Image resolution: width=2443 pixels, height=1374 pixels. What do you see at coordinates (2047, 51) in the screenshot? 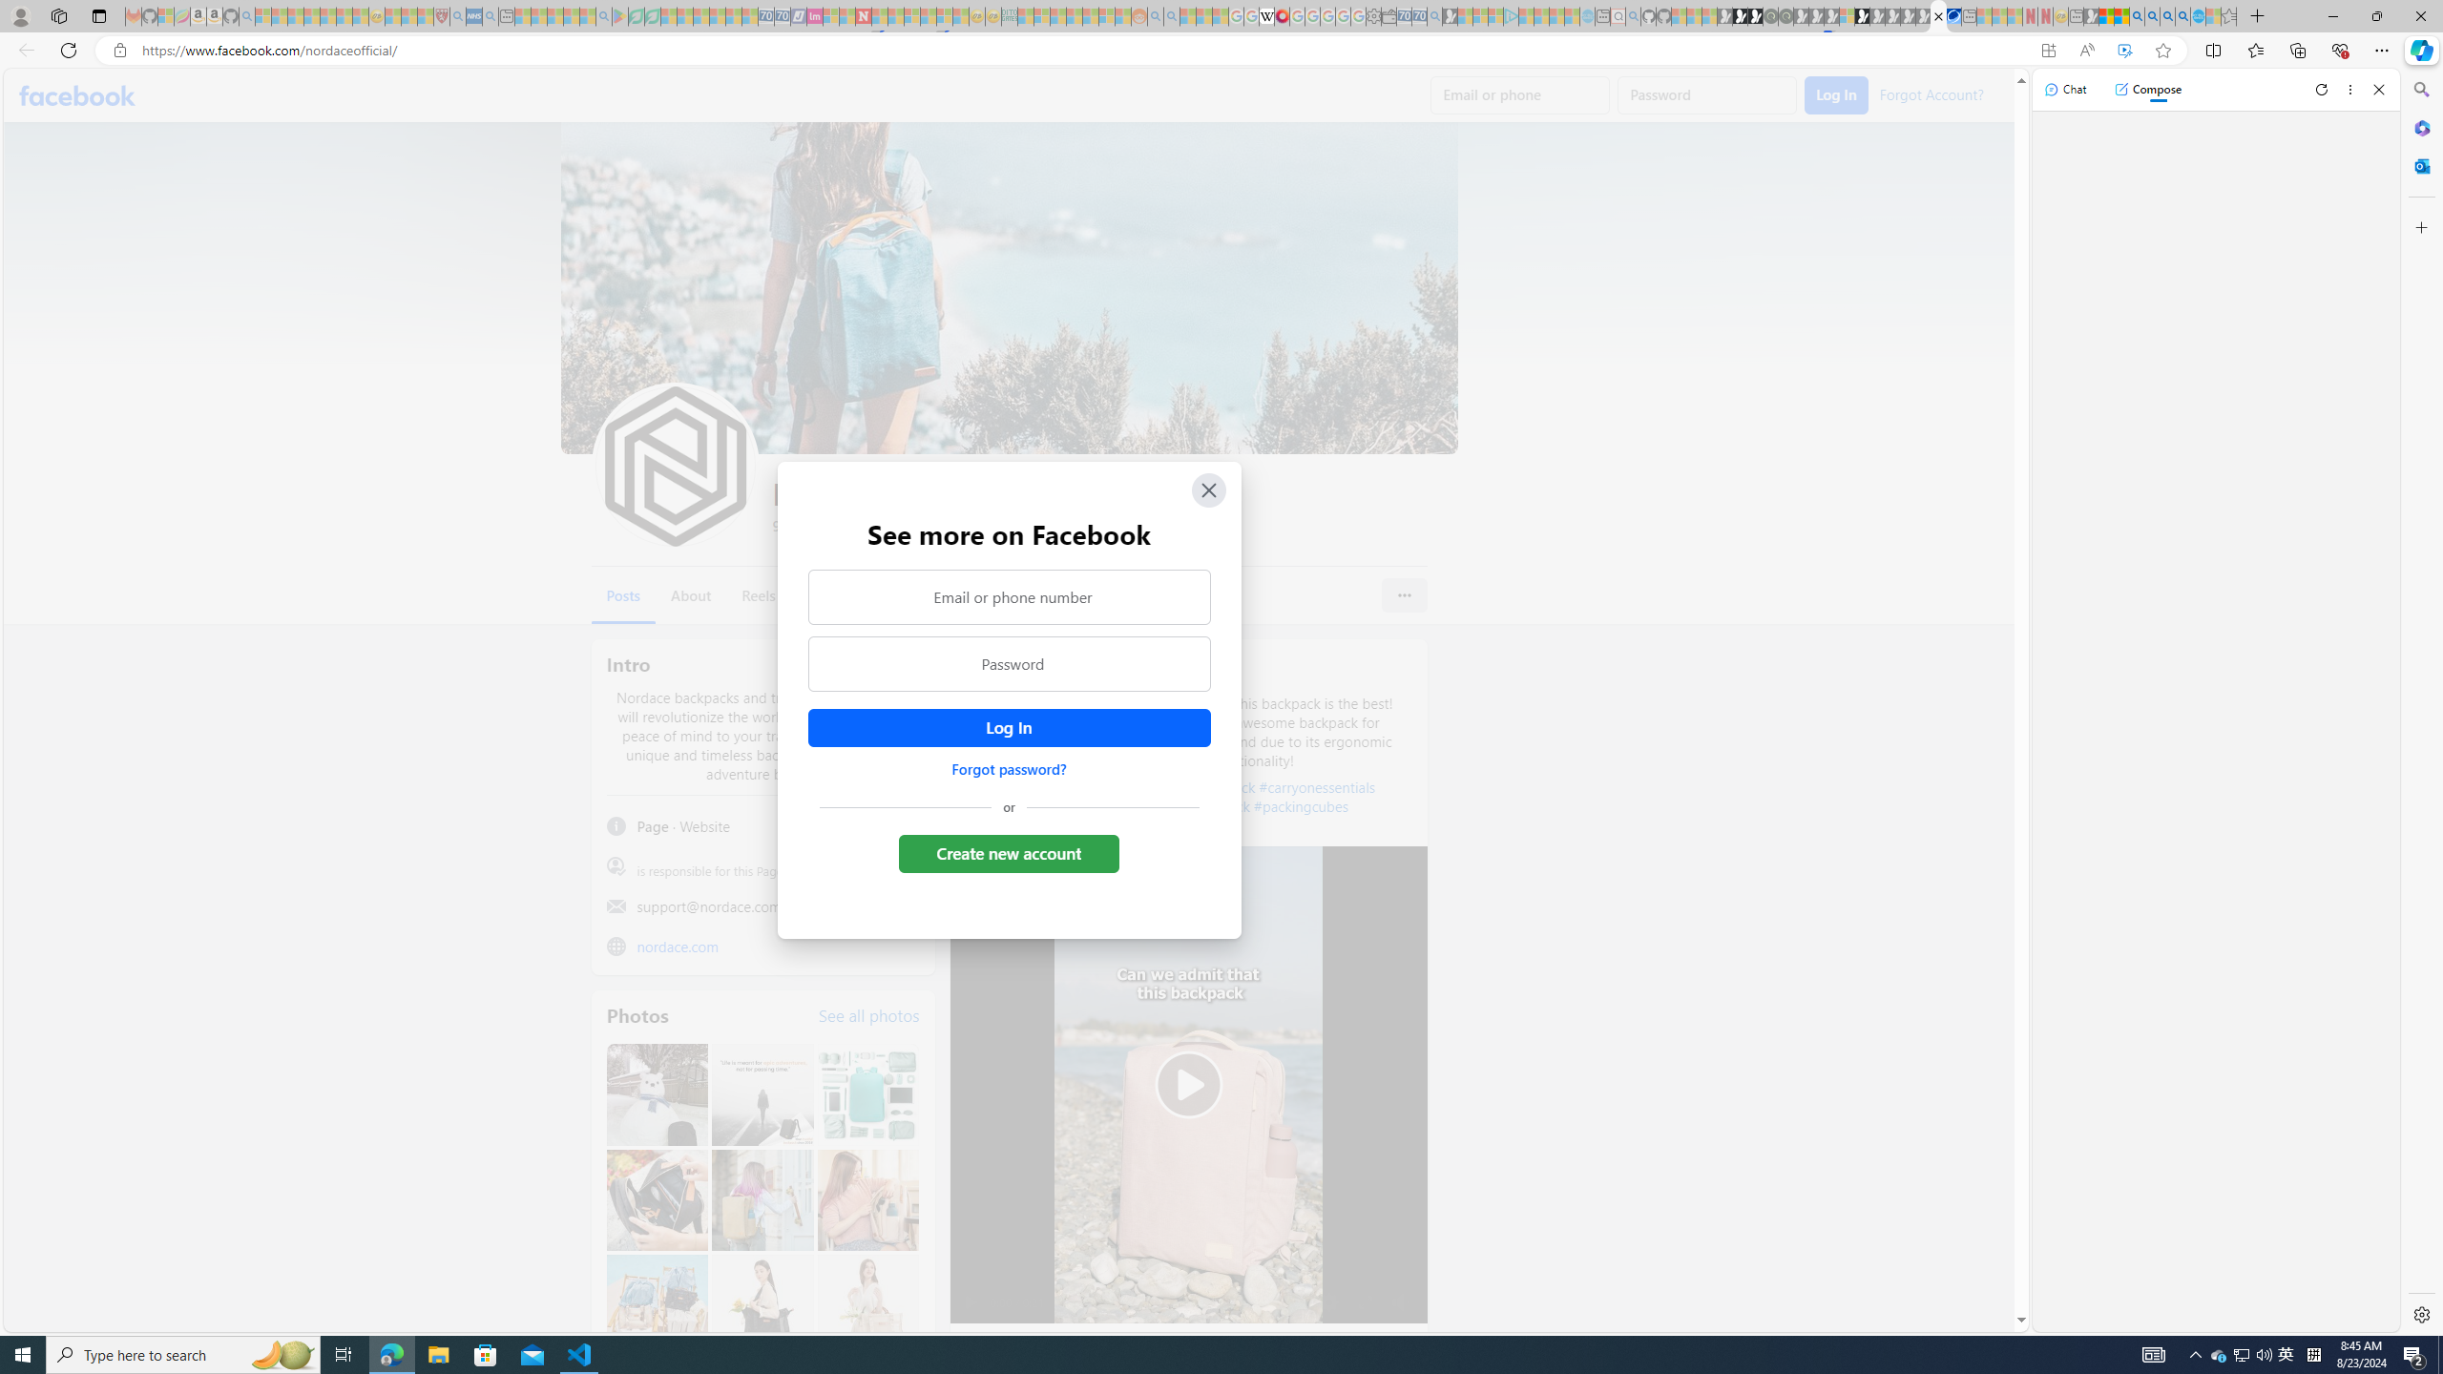
I see `'App available. Install Facebook'` at bounding box center [2047, 51].